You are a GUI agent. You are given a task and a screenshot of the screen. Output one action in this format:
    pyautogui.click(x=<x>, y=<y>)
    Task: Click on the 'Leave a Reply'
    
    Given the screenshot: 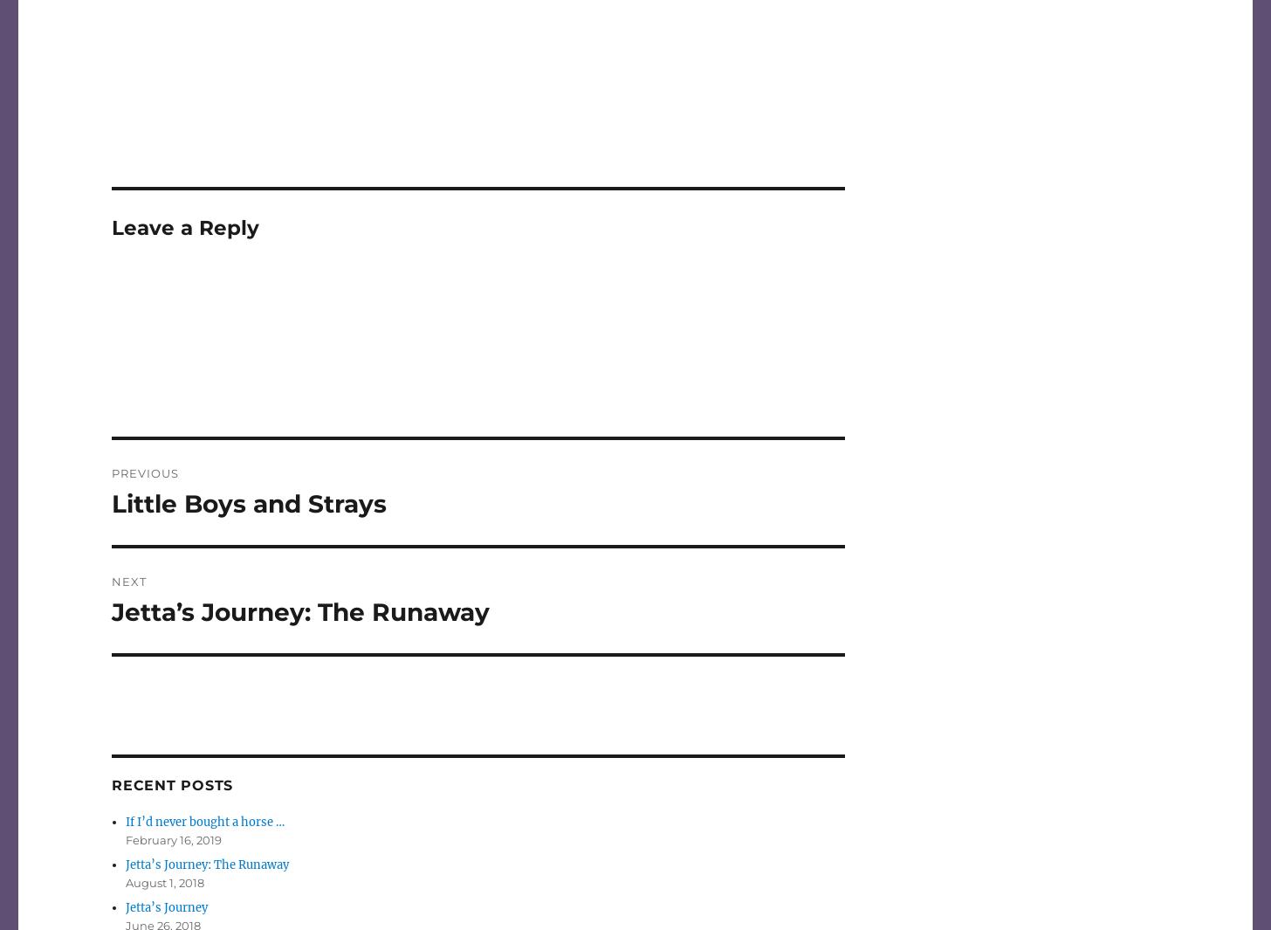 What is the action you would take?
    pyautogui.click(x=185, y=227)
    